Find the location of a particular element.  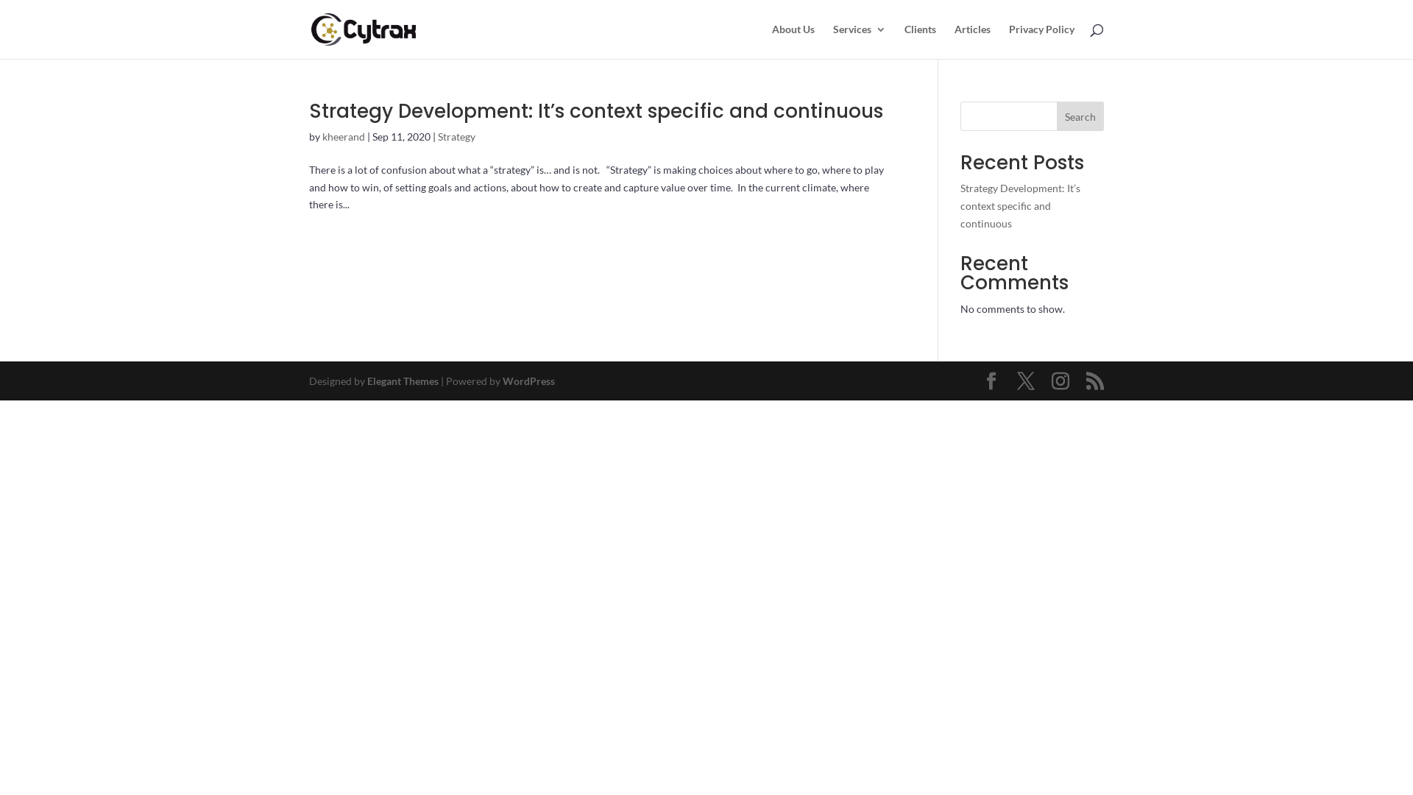

'Elegant Themes' is located at coordinates (403, 380).